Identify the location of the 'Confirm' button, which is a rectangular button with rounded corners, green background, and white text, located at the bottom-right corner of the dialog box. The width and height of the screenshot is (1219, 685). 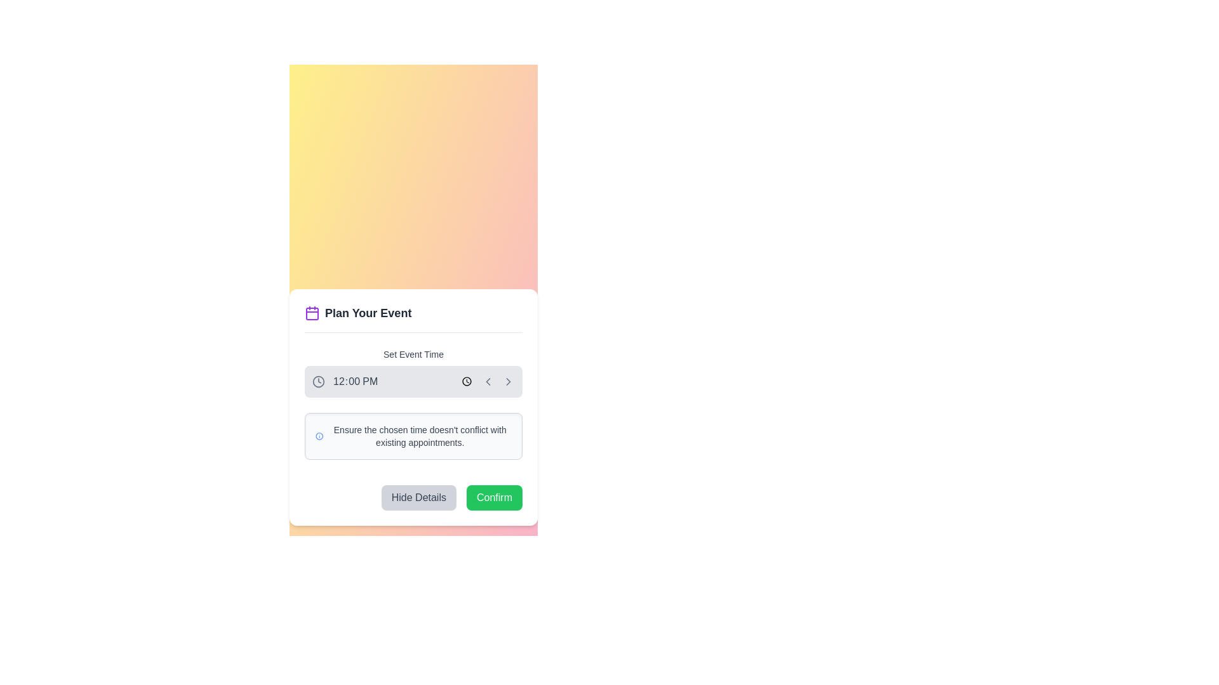
(493, 497).